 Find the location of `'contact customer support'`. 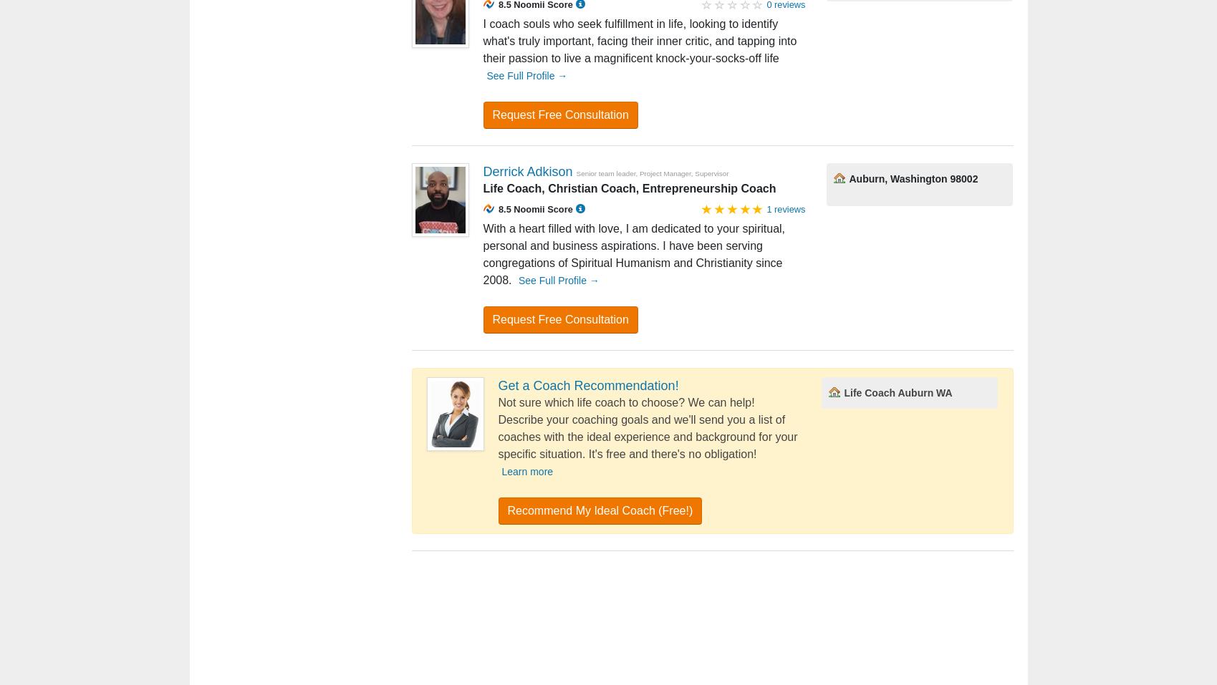

'contact customer support' is located at coordinates (744, 621).